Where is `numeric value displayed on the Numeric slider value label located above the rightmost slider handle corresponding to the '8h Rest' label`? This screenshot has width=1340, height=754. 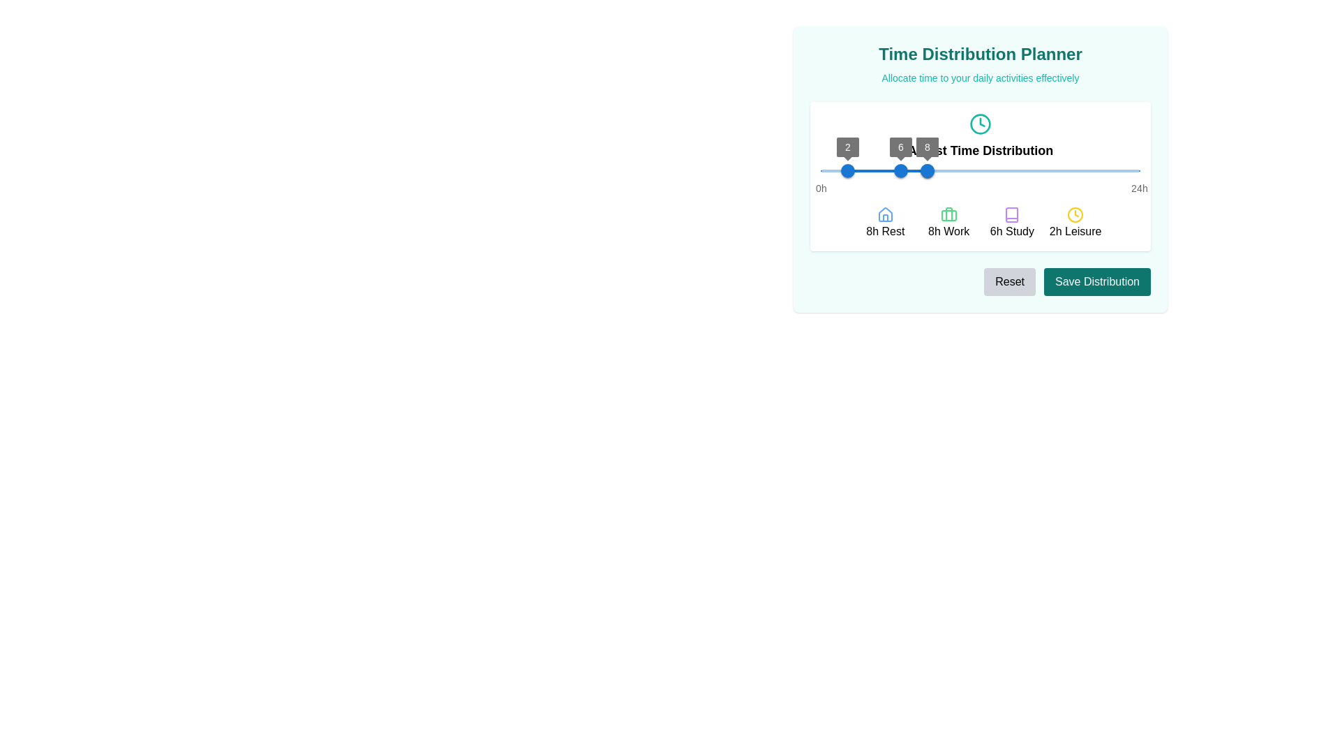
numeric value displayed on the Numeric slider value label located above the rightmost slider handle corresponding to the '8h Rest' label is located at coordinates (928, 147).